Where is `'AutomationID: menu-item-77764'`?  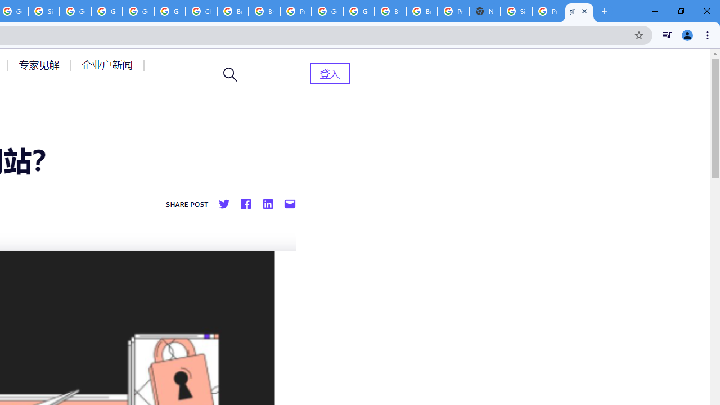 'AutomationID: menu-item-77764' is located at coordinates (40, 65).